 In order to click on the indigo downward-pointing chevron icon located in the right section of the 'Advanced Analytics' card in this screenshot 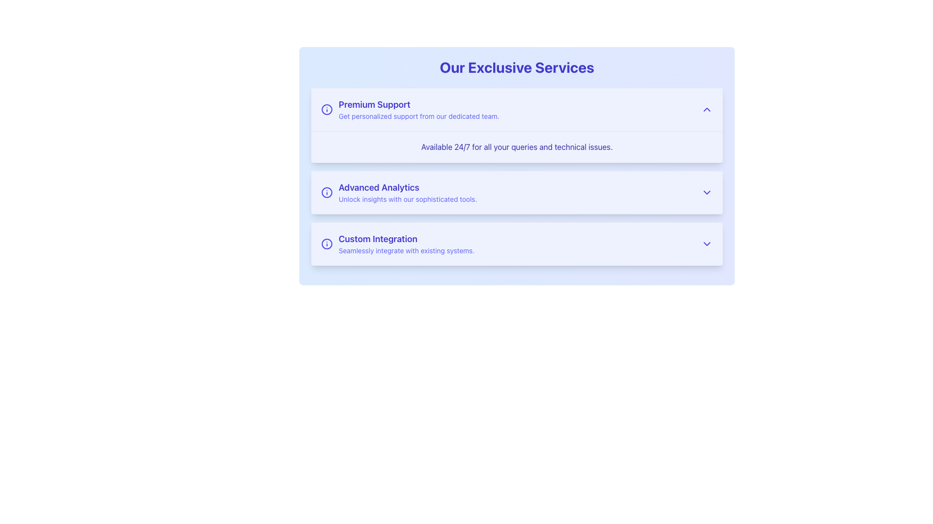, I will do `click(707, 193)`.